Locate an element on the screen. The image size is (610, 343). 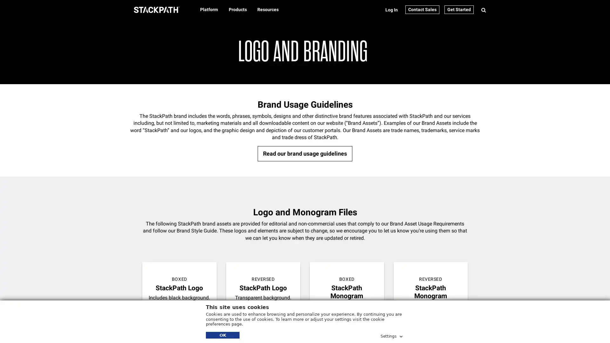
Read our brand usage guidelines is located at coordinates (305, 153).